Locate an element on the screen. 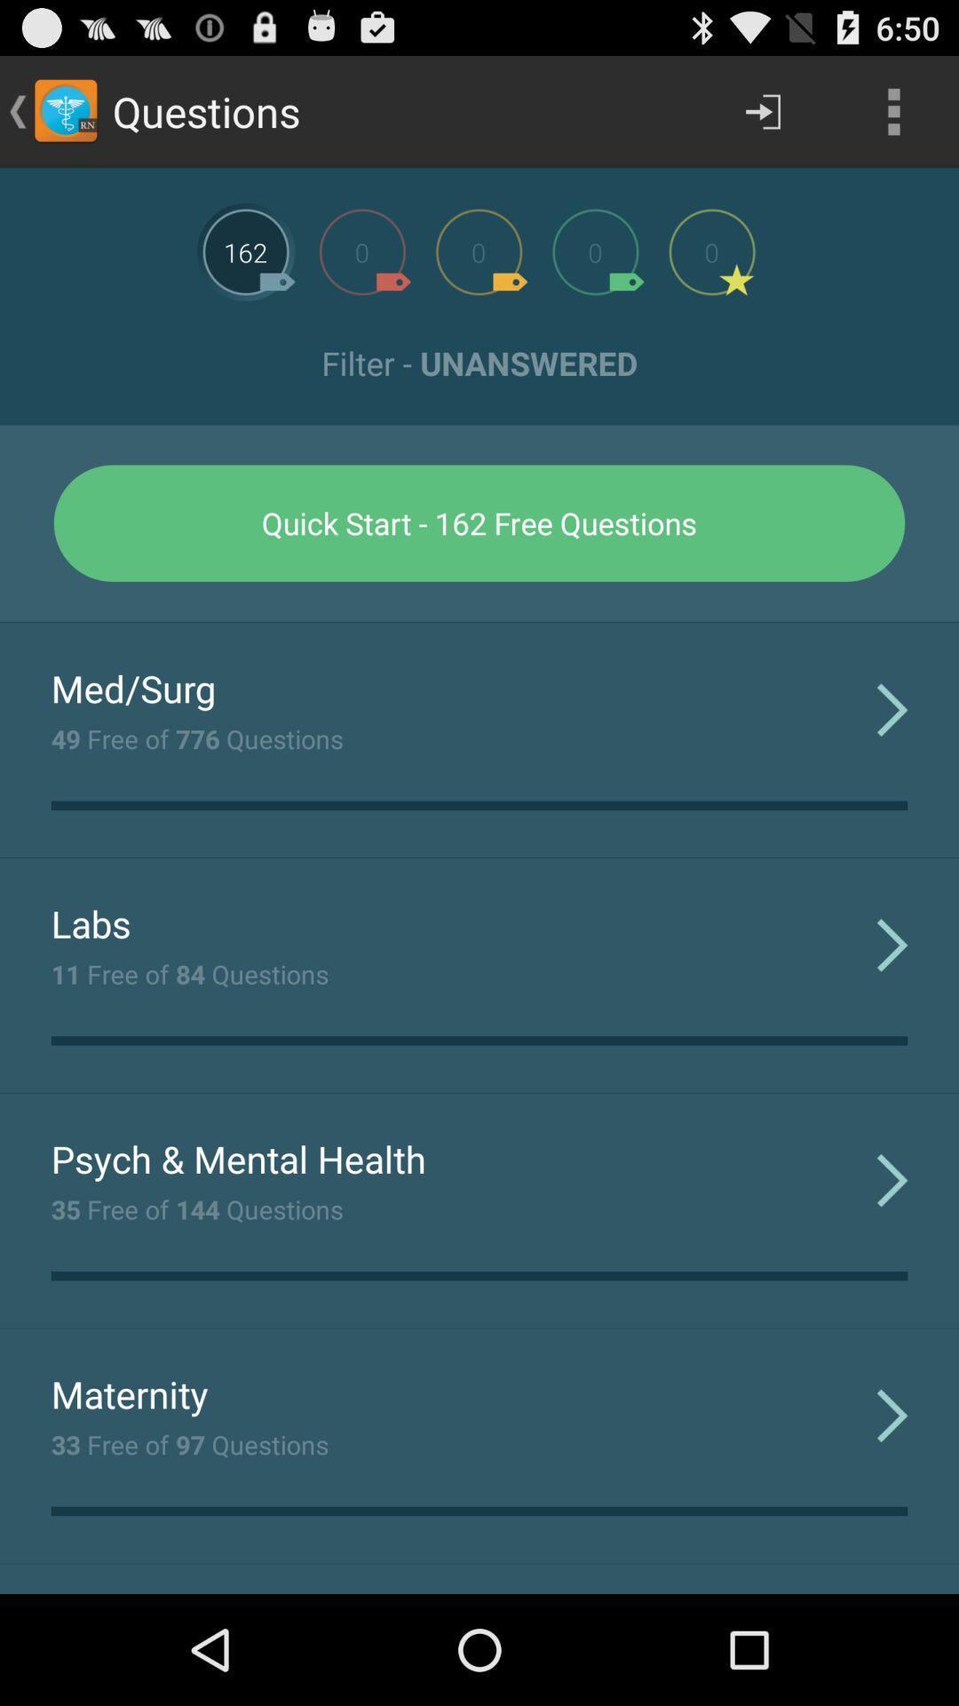  icon next to 33 free of icon is located at coordinates (892, 1414).